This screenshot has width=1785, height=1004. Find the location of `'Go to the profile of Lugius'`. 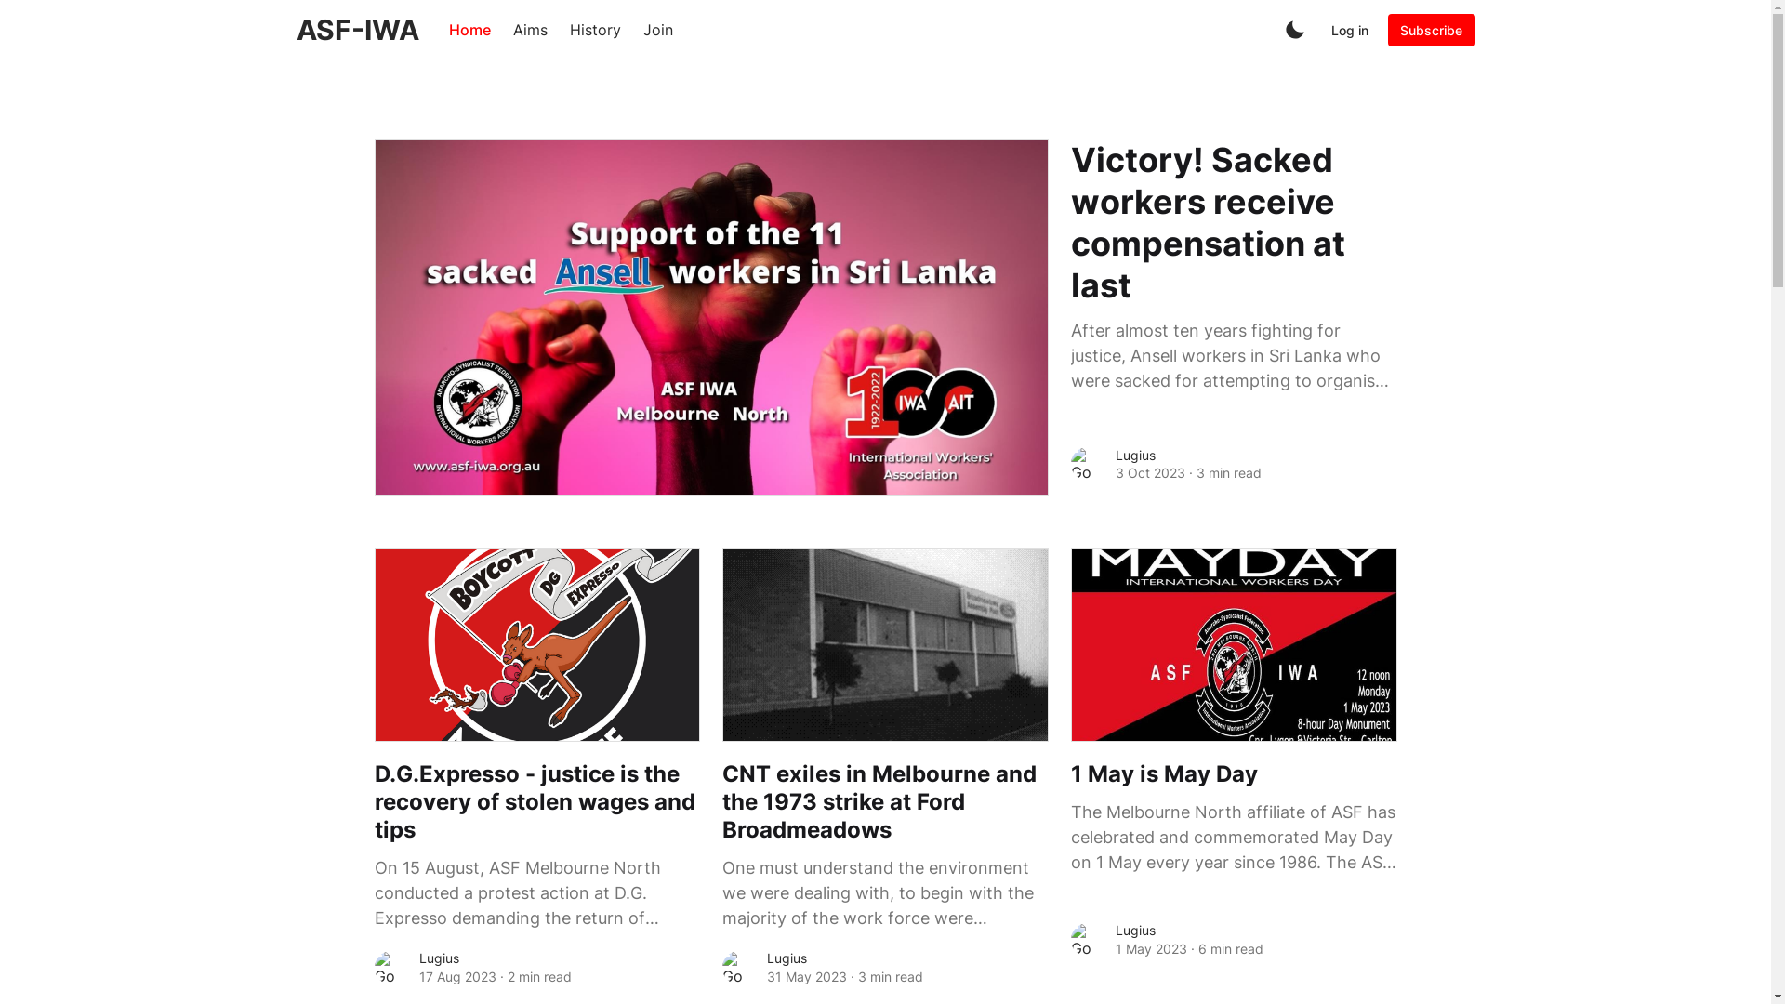

'Go to the profile of Lugius' is located at coordinates (1088, 462).